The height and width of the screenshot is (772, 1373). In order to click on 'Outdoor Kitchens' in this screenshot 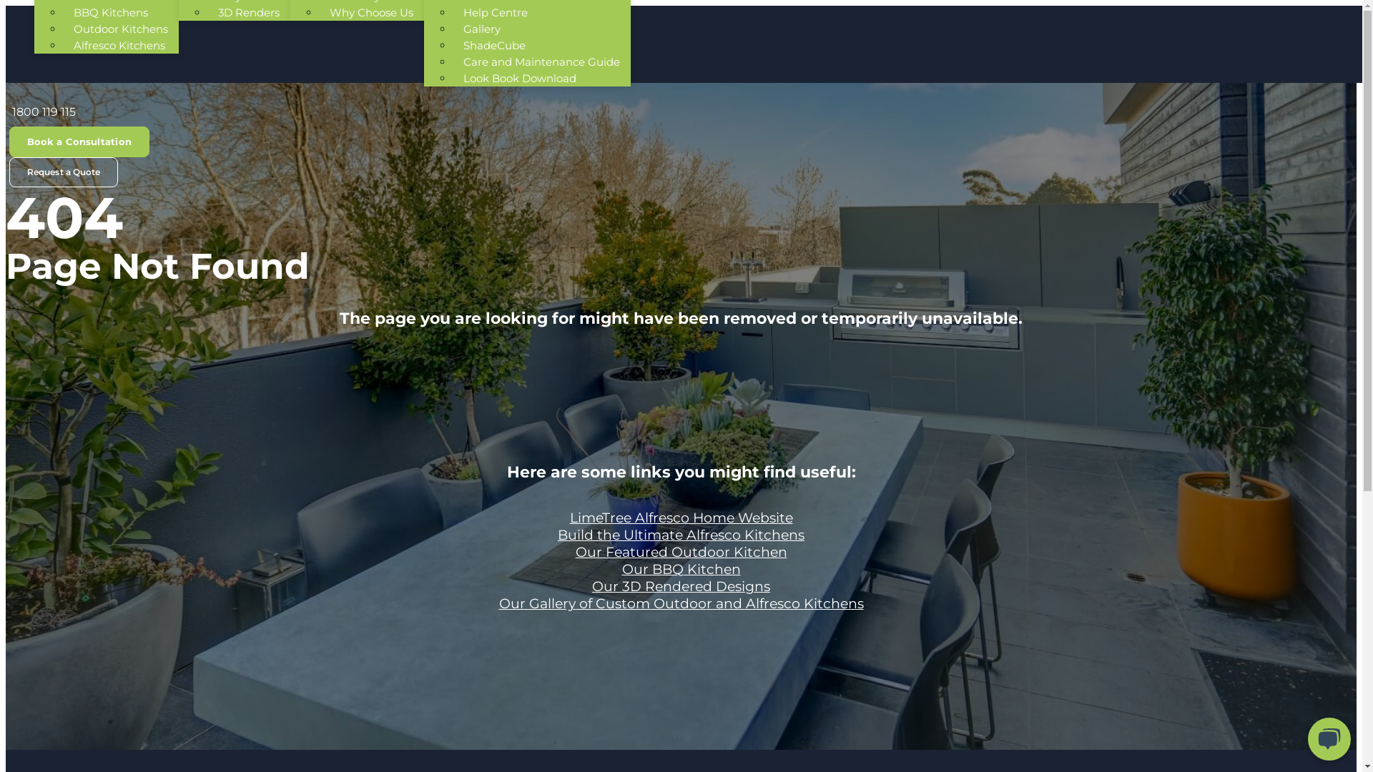, I will do `click(120, 29)`.